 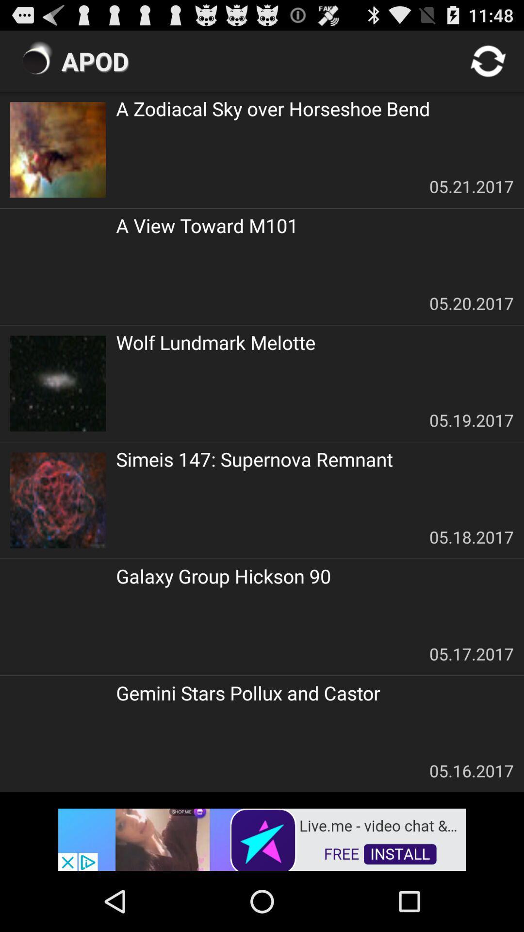 I want to click on advertisement, so click(x=262, y=838).